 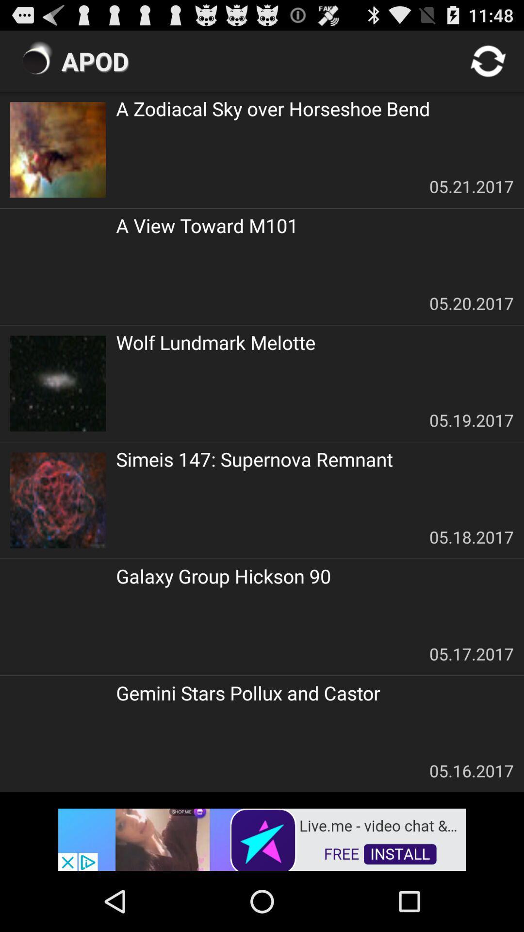 I want to click on advertisement, so click(x=262, y=838).